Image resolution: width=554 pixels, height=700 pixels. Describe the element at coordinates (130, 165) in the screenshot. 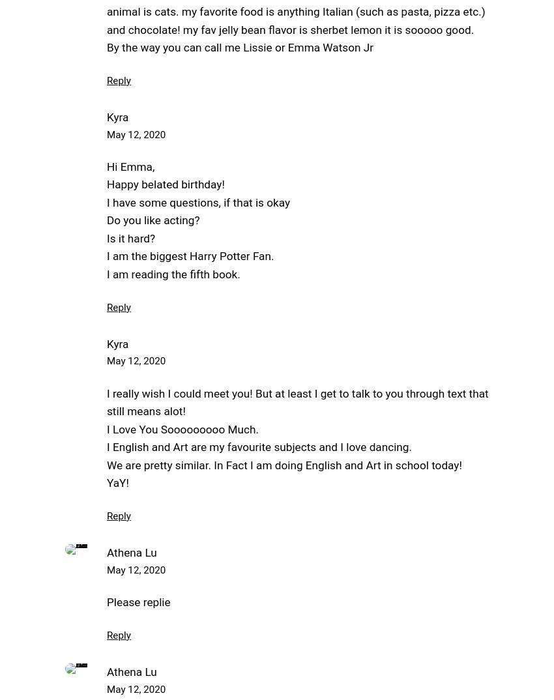

I see `'Hi Emma,'` at that location.